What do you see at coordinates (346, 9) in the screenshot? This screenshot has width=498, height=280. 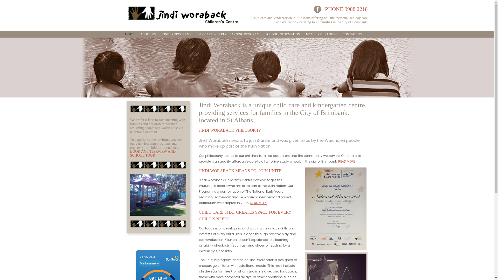 I see `'PHONE 9988 2218'` at bounding box center [346, 9].